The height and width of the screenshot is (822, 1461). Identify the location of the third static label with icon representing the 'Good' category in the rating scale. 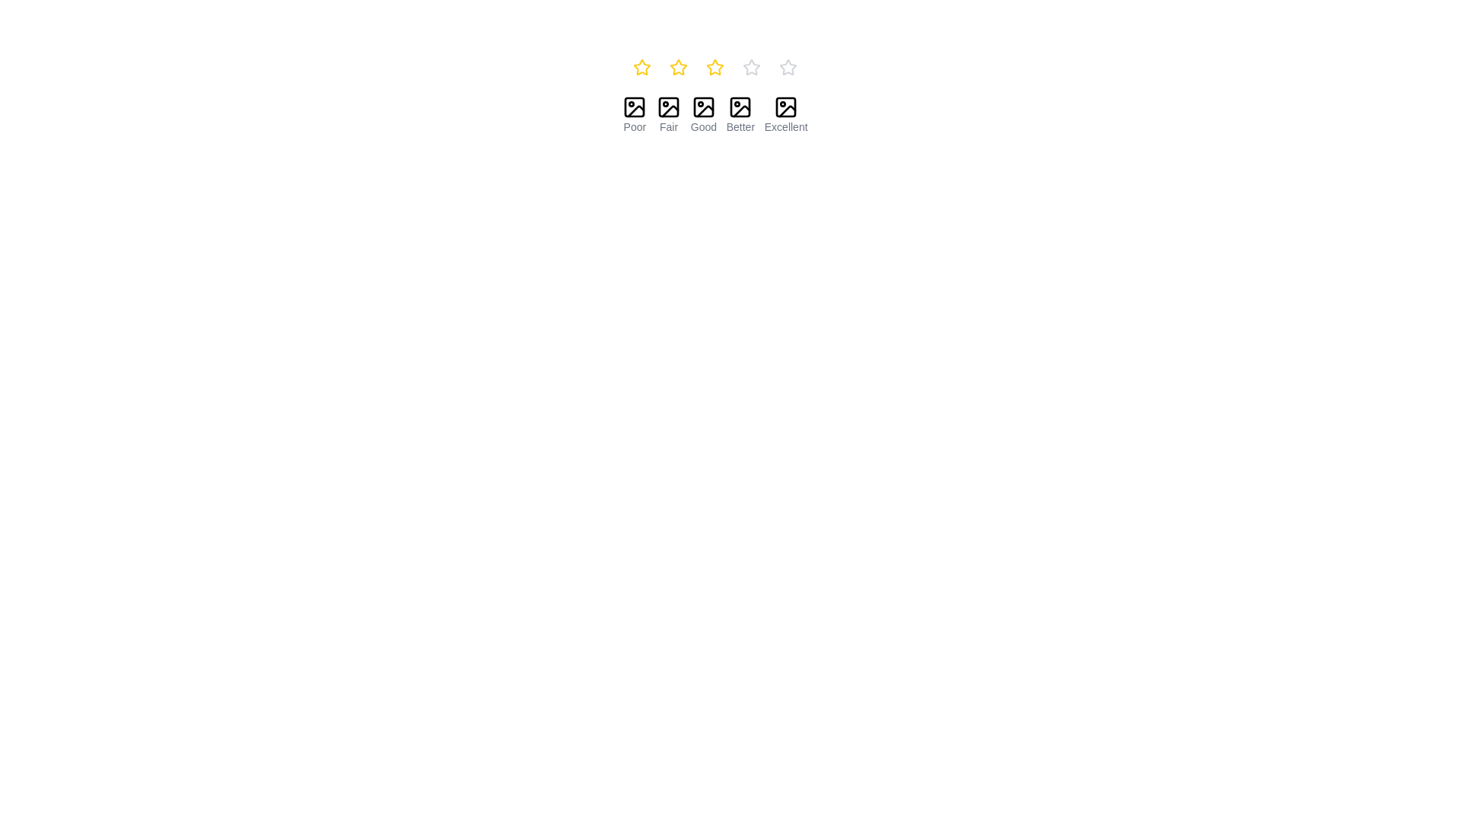
(702, 113).